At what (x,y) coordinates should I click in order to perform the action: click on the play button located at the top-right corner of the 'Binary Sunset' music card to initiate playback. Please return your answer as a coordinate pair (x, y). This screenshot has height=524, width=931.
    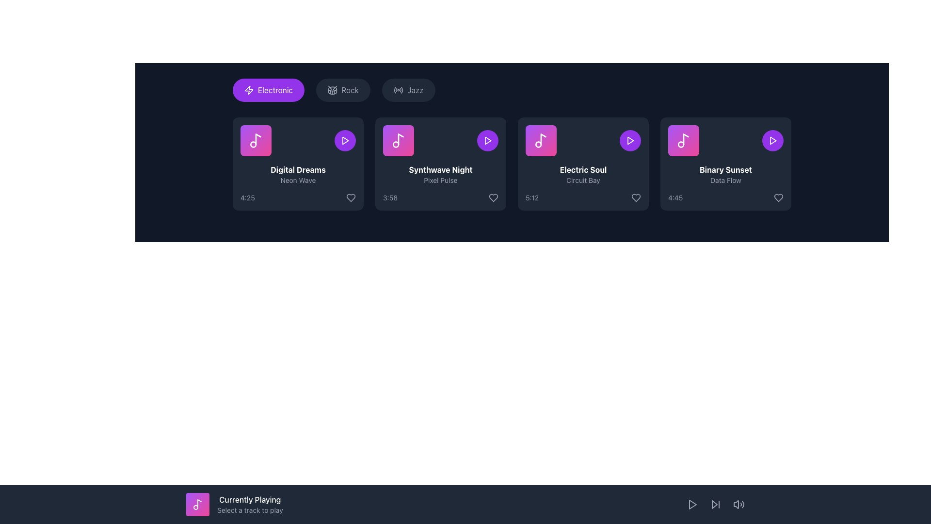
    Looking at the image, I should click on (772, 140).